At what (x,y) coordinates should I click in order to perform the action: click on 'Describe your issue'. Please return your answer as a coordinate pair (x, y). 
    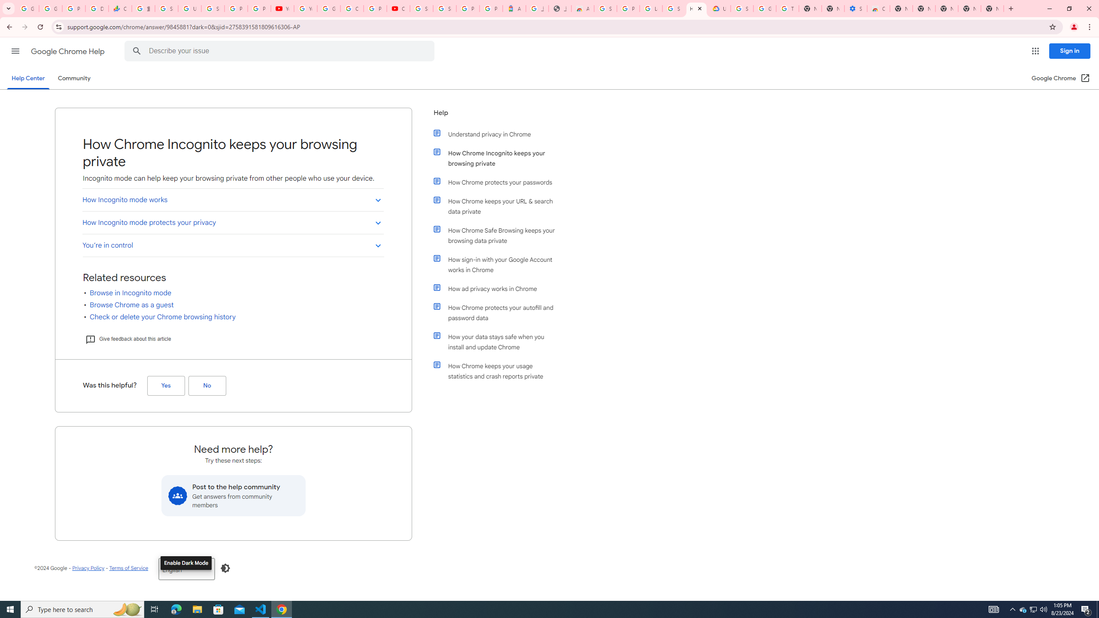
    Looking at the image, I should click on (280, 51).